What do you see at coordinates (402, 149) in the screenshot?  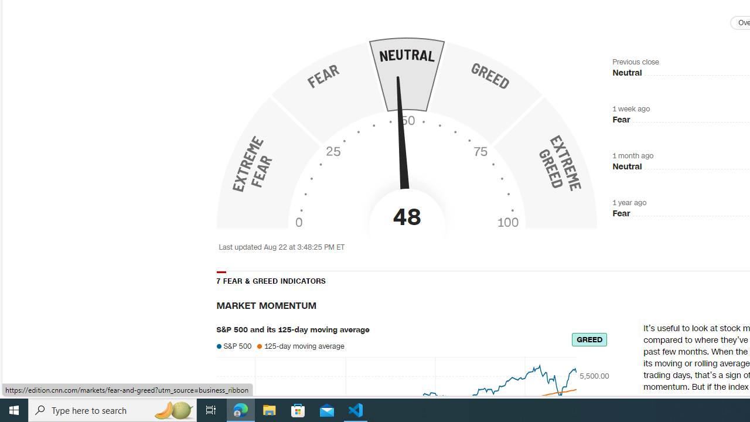 I see `'Class: market-fng-gauge__hand-svg'` at bounding box center [402, 149].